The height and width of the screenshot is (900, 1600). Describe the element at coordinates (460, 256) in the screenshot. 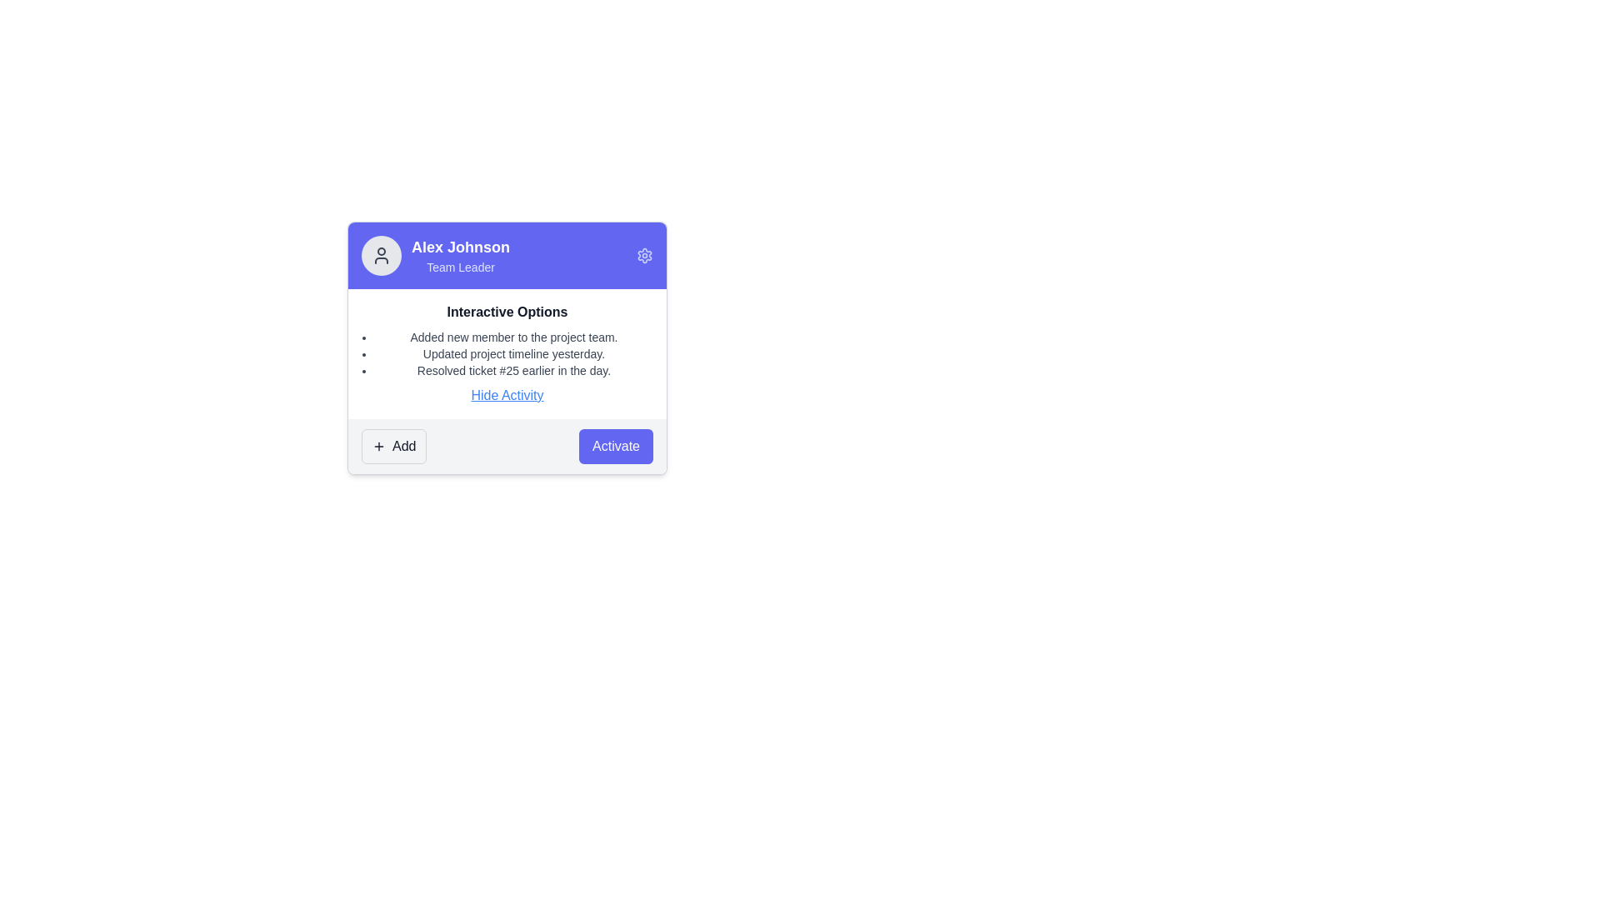

I see `displayed information from the text label showing 'Alex Johnson' and 'Team Leader' on a purple background, positioned in the top section of a card interface` at that location.